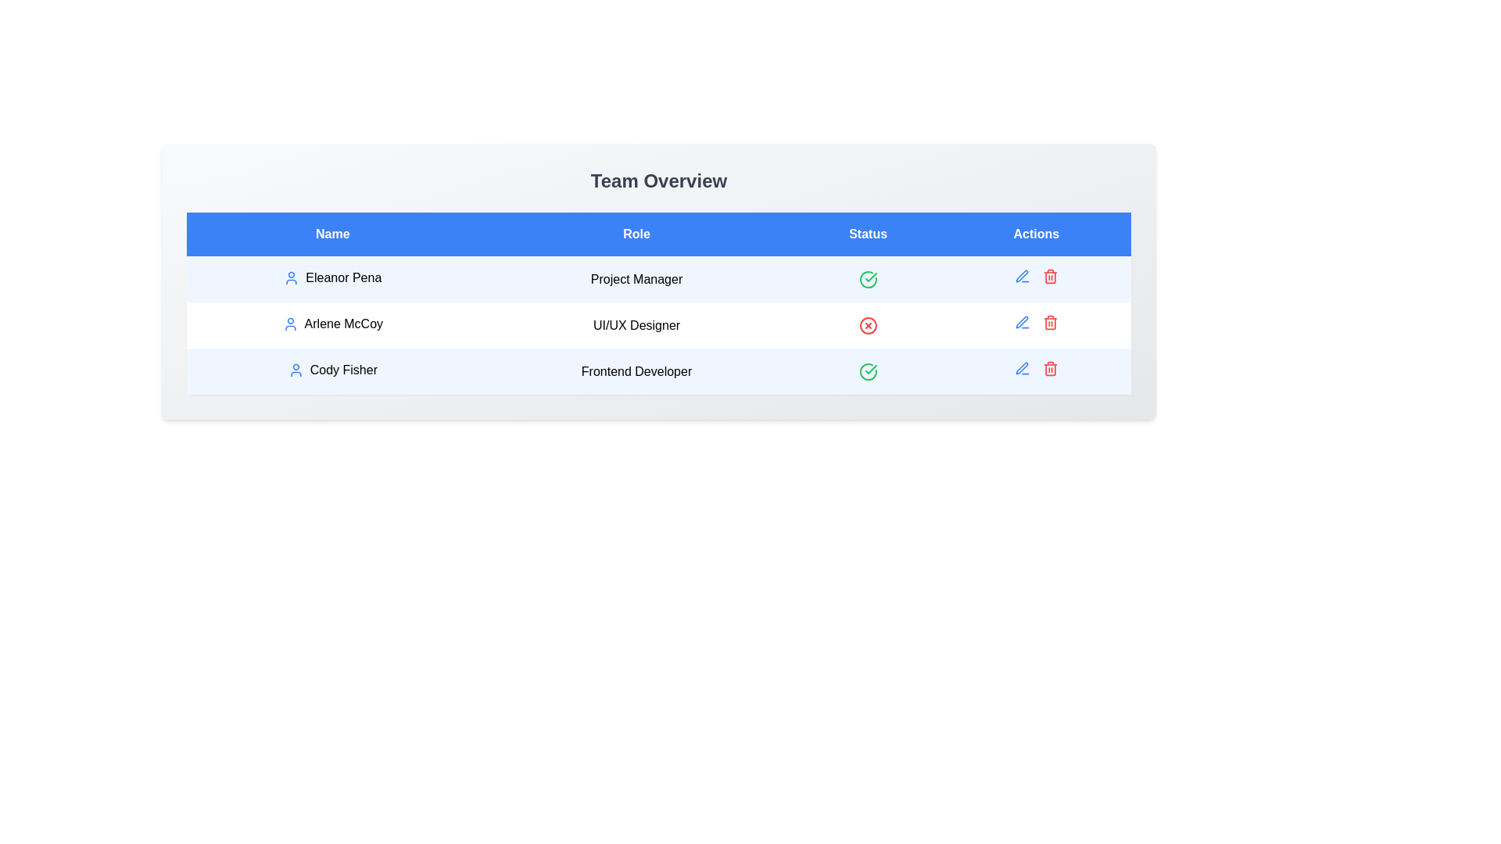 The height and width of the screenshot is (844, 1501). Describe the element at coordinates (1022, 321) in the screenshot. I see `the pencil-shaped edit icon located in the 'Actions' column of the row for user 'Arlene McCoy' in the 'Team Overview' table to initiate the edit action` at that location.